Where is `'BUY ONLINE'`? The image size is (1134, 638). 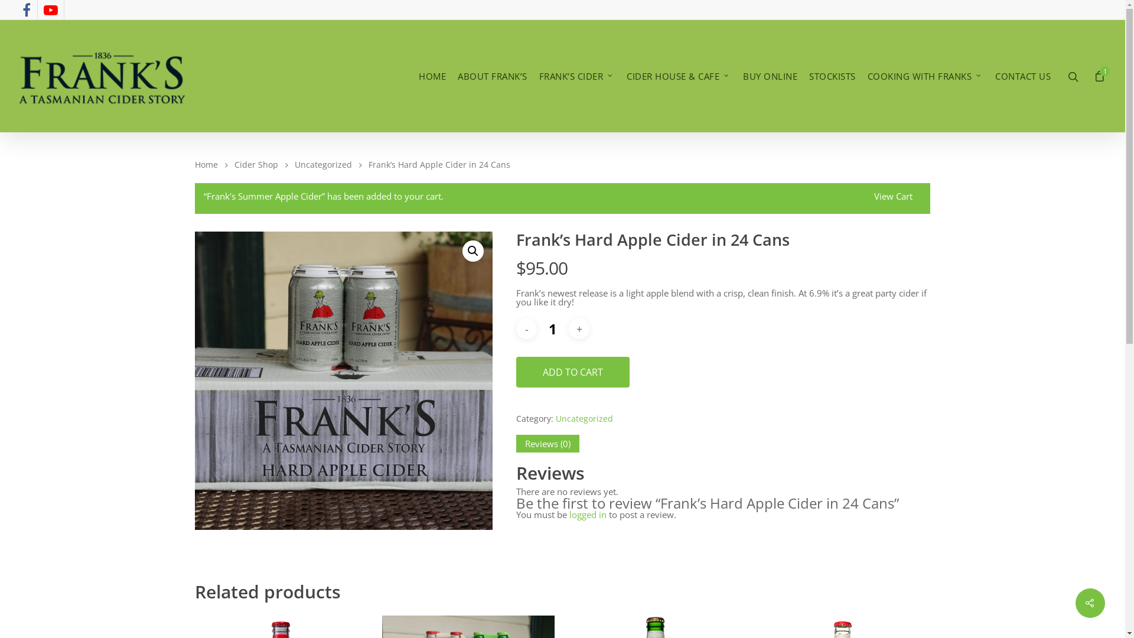
'BUY ONLINE' is located at coordinates (770, 76).